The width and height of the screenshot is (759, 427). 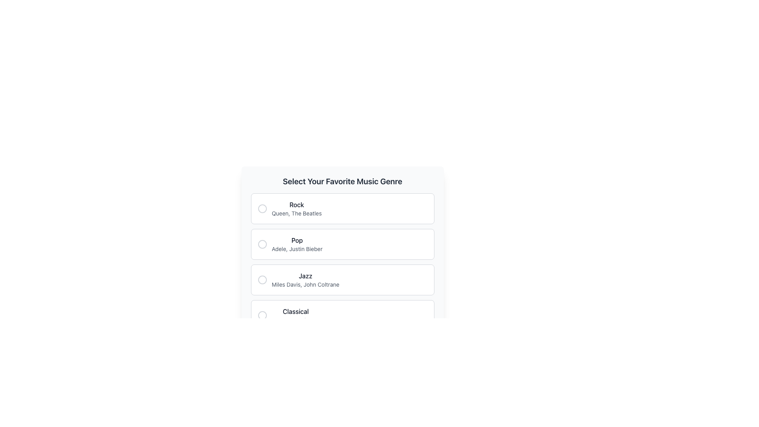 What do you see at coordinates (296, 208) in the screenshot?
I see `the text label that displays 'Rock' and 'Queen, The Beatles', which is the first option in the vertical list of music genres` at bounding box center [296, 208].